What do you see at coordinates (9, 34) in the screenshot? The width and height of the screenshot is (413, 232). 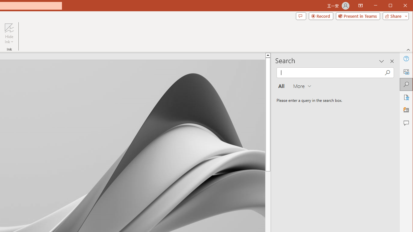 I see `'Hide Ink'` at bounding box center [9, 34].